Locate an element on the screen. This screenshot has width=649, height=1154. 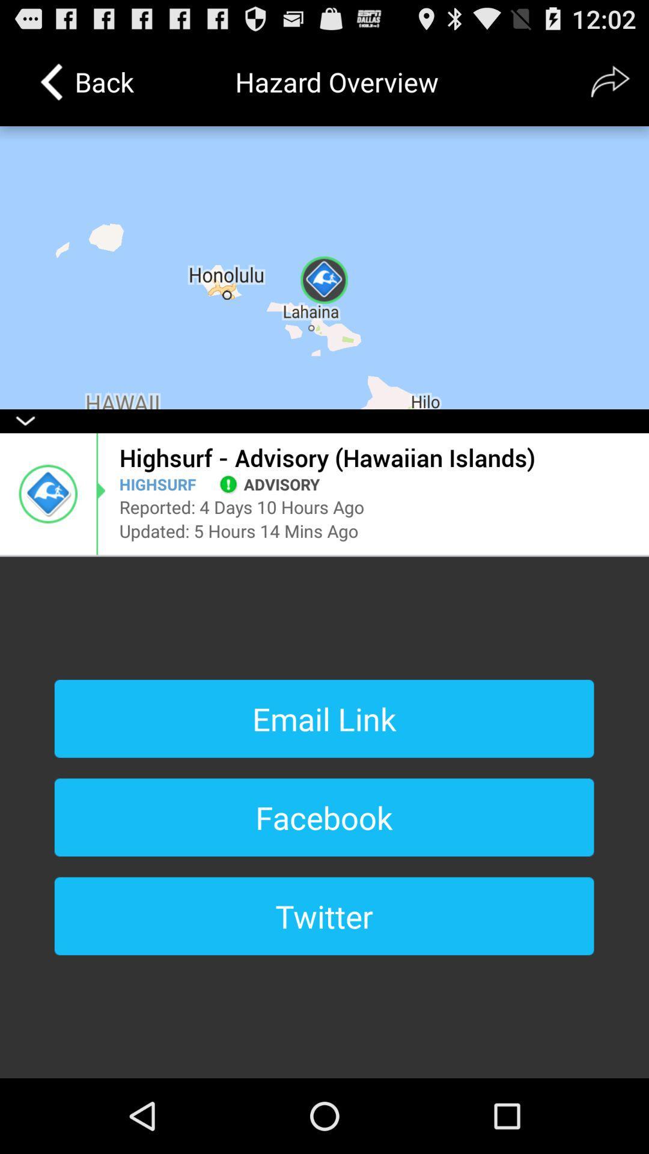
the button named as email link is located at coordinates (324, 718).